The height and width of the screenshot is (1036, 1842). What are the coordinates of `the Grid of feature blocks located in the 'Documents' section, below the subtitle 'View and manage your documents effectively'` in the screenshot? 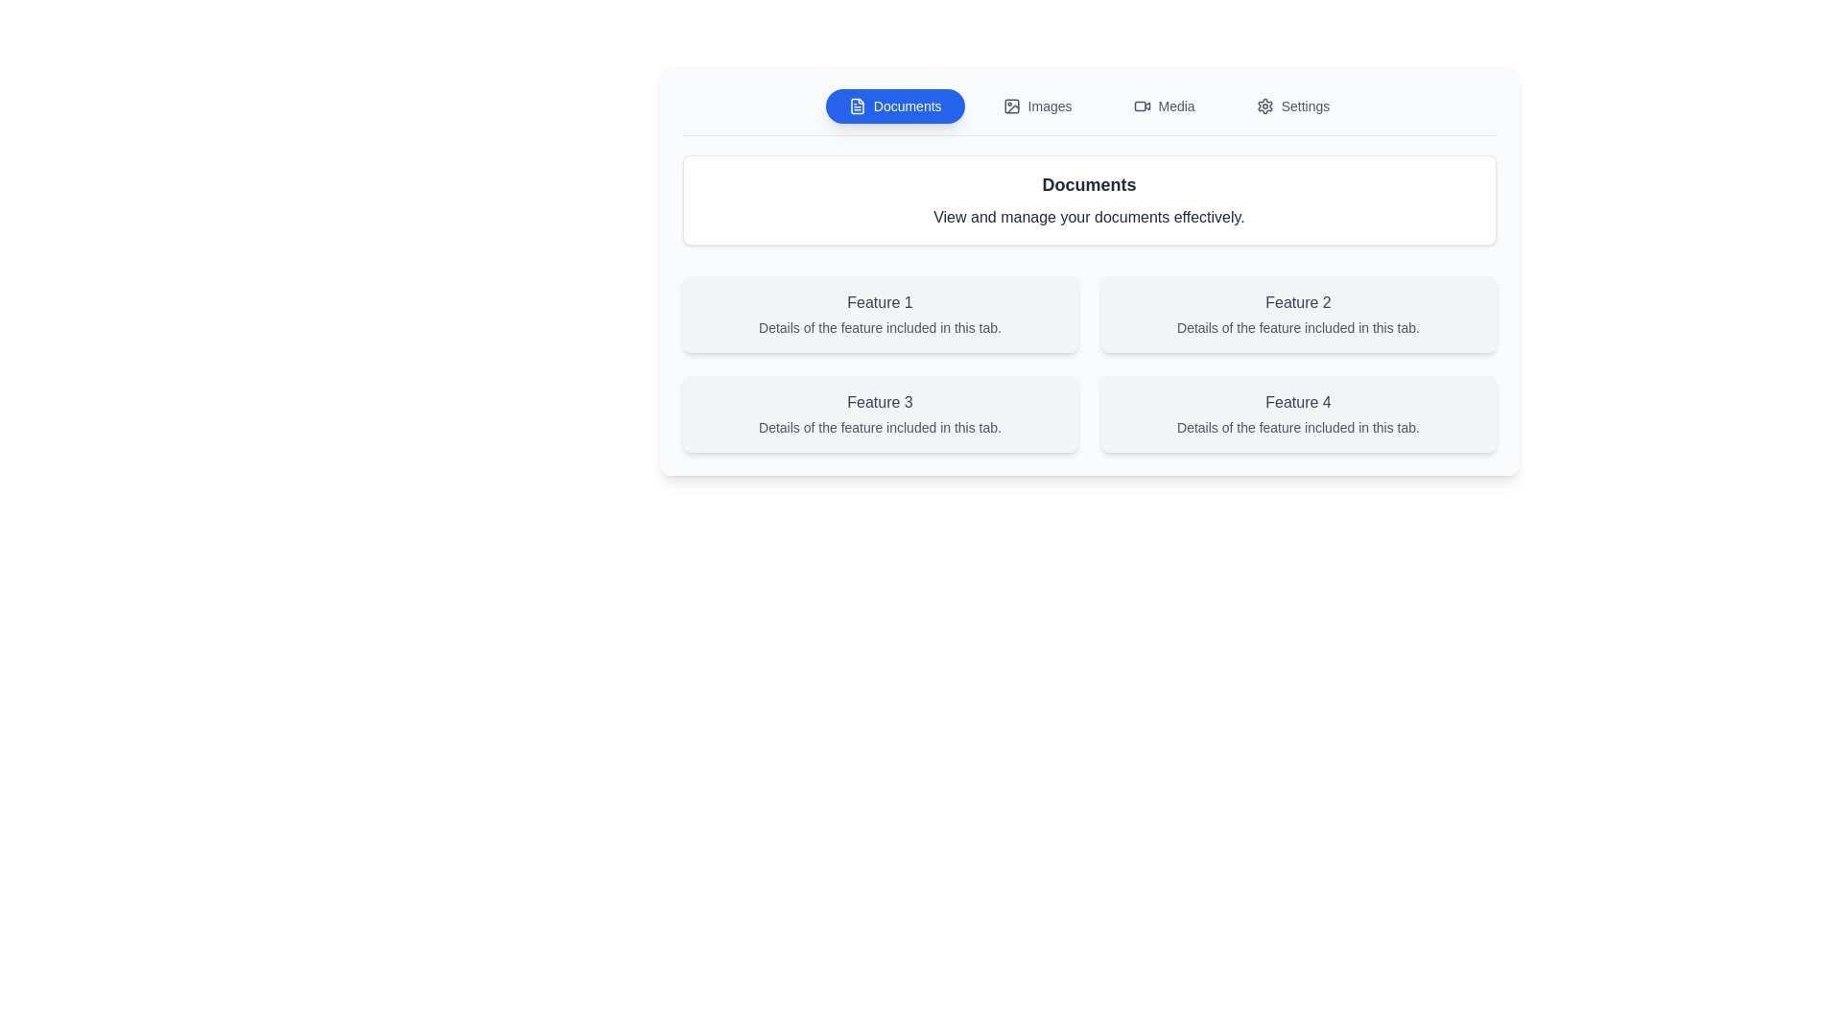 It's located at (1089, 365).